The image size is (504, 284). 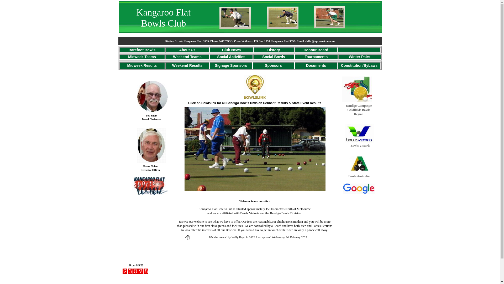 What do you see at coordinates (317, 57) in the screenshot?
I see `'ournaments'` at bounding box center [317, 57].